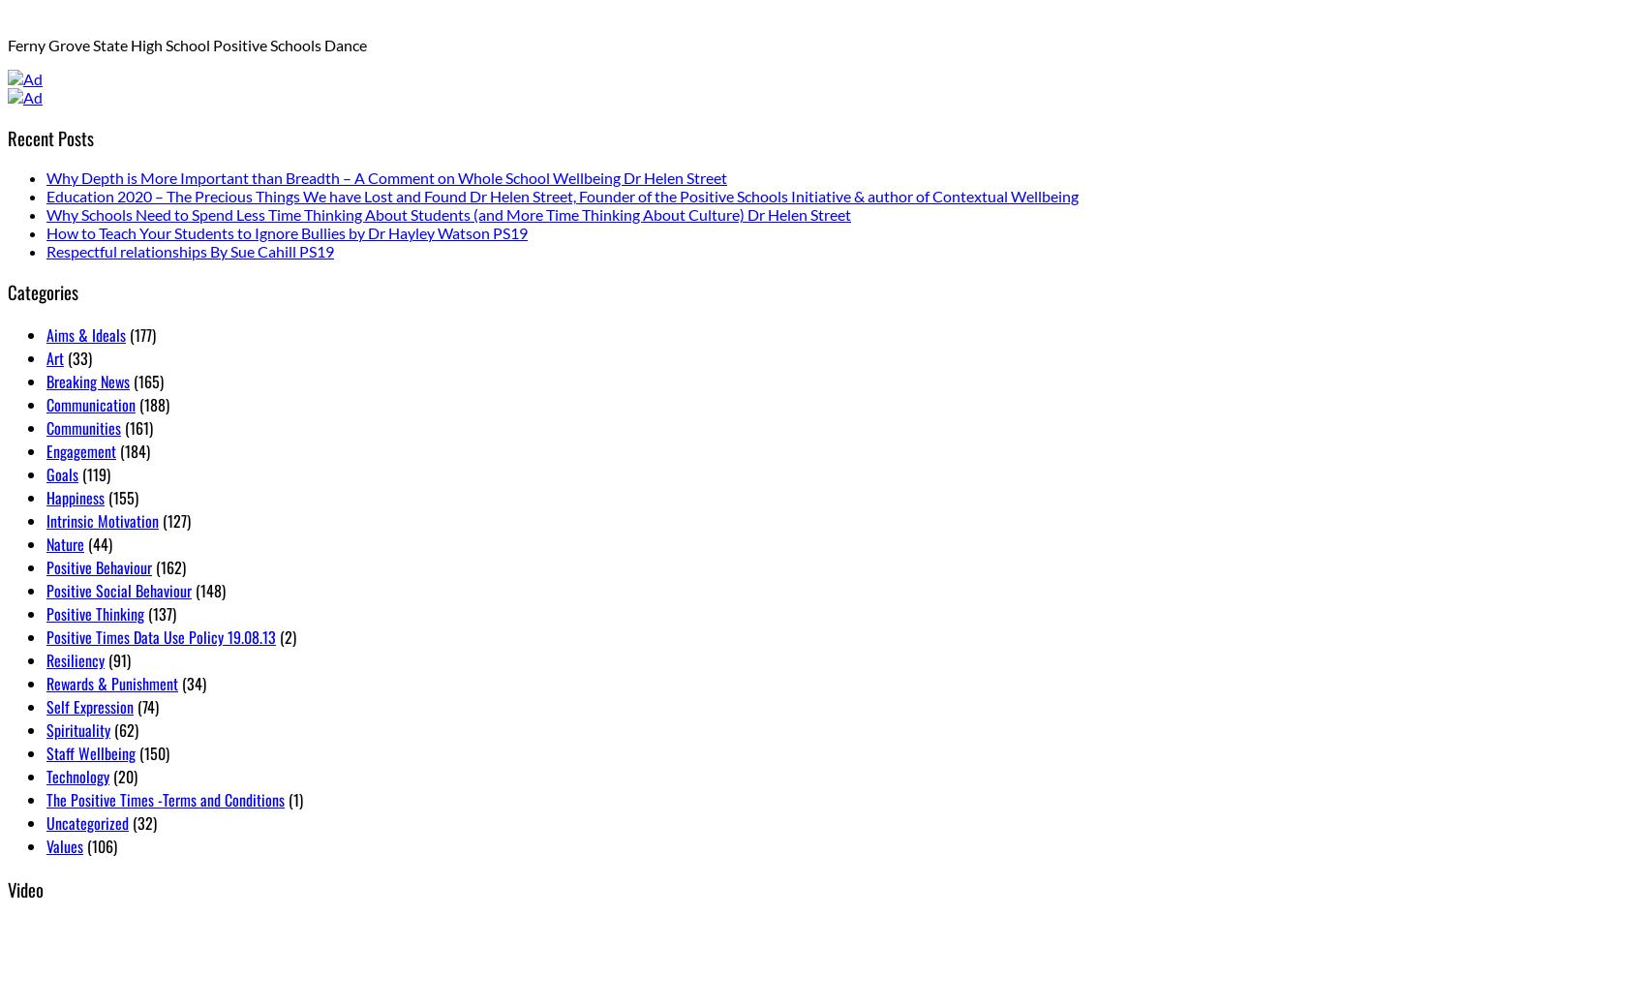 This screenshot has width=1646, height=1007. I want to click on '(91)', so click(116, 658).